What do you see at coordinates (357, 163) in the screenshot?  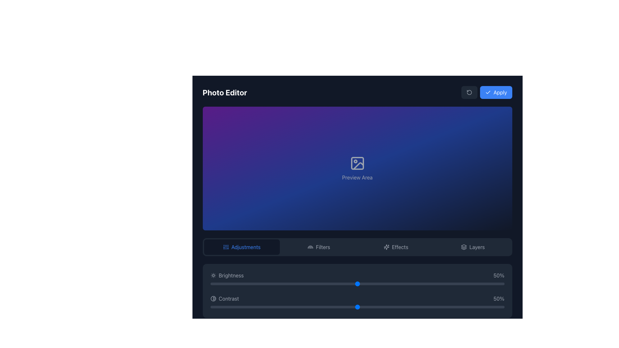 I see `the preview functionality icon located in the 'Preview Area' section, centered above the text 'Preview Area'` at bounding box center [357, 163].